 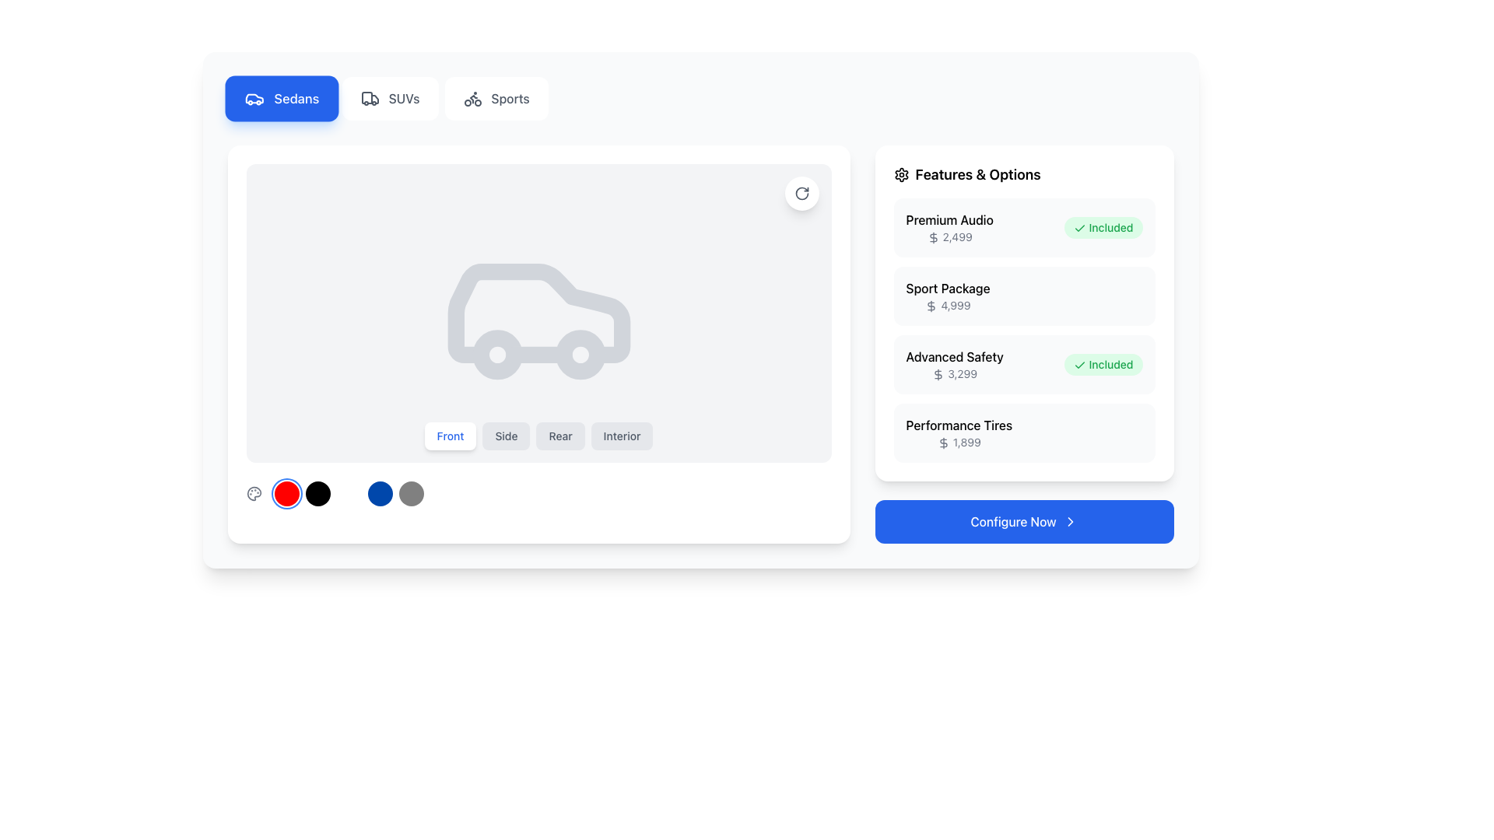 What do you see at coordinates (1103, 228) in the screenshot?
I see `the Indicator badge located on the right side of the 'Premium Audio' option under the 'Features & Options' section, which indicates that the feature is included in the selected package` at bounding box center [1103, 228].